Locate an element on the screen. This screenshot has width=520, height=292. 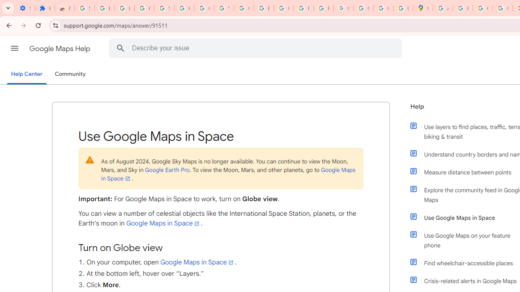
'YouTube' is located at coordinates (224, 8).